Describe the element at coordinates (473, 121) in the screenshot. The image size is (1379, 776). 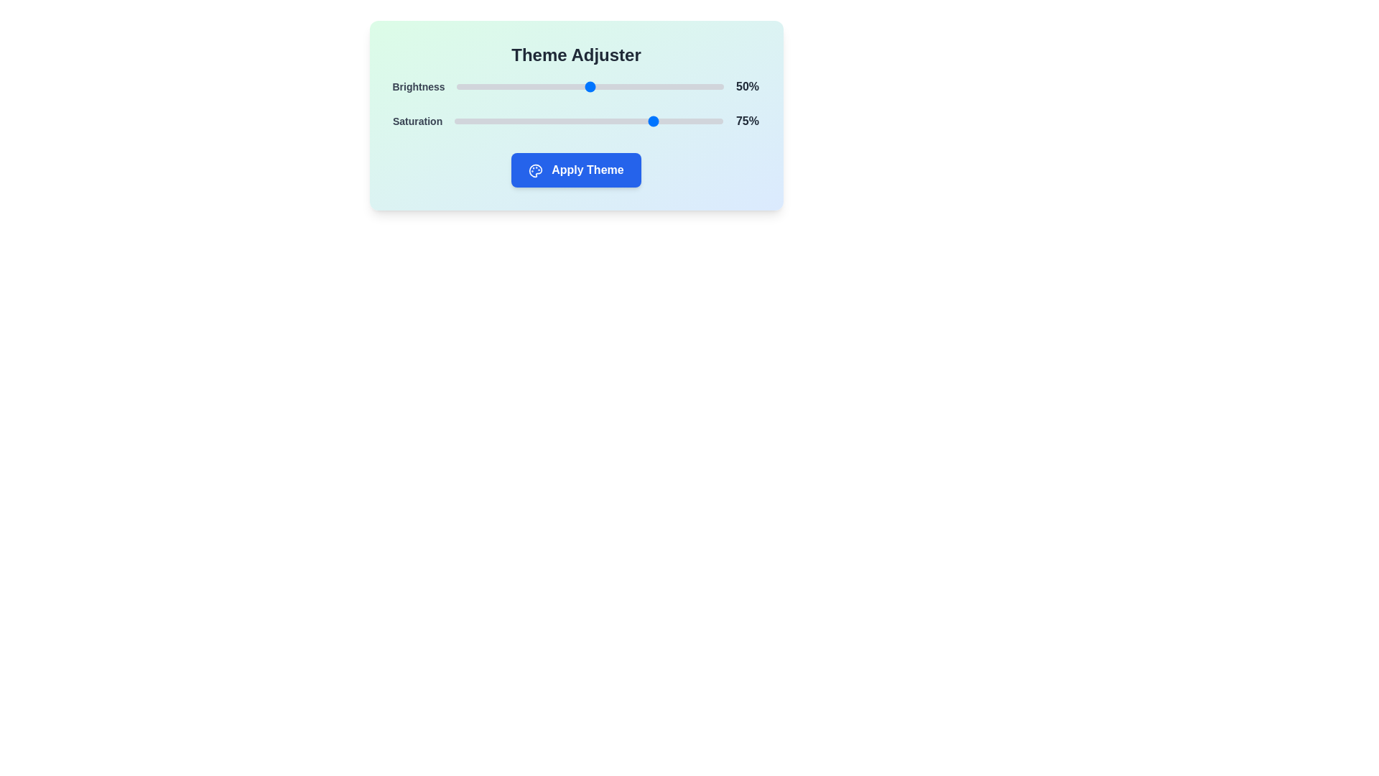
I see `the saturation slider to 7%` at that location.